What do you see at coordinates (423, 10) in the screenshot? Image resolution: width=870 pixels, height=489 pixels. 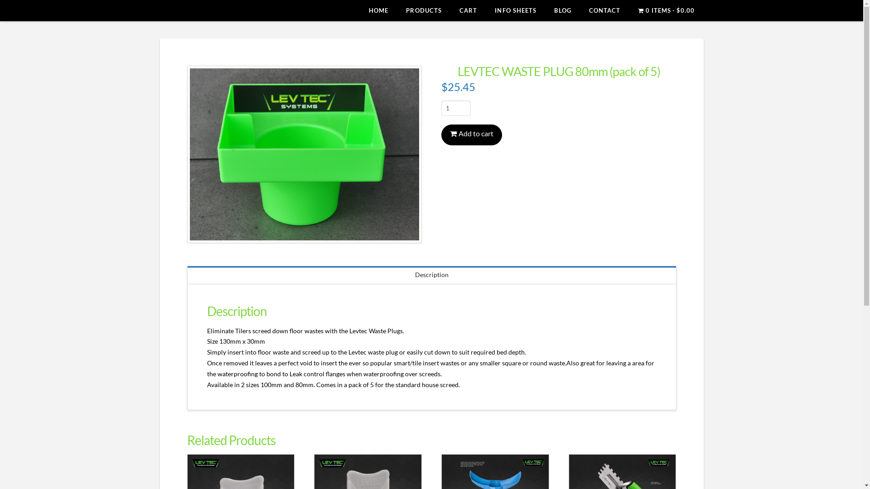 I see `'PRODUCTS'` at bounding box center [423, 10].